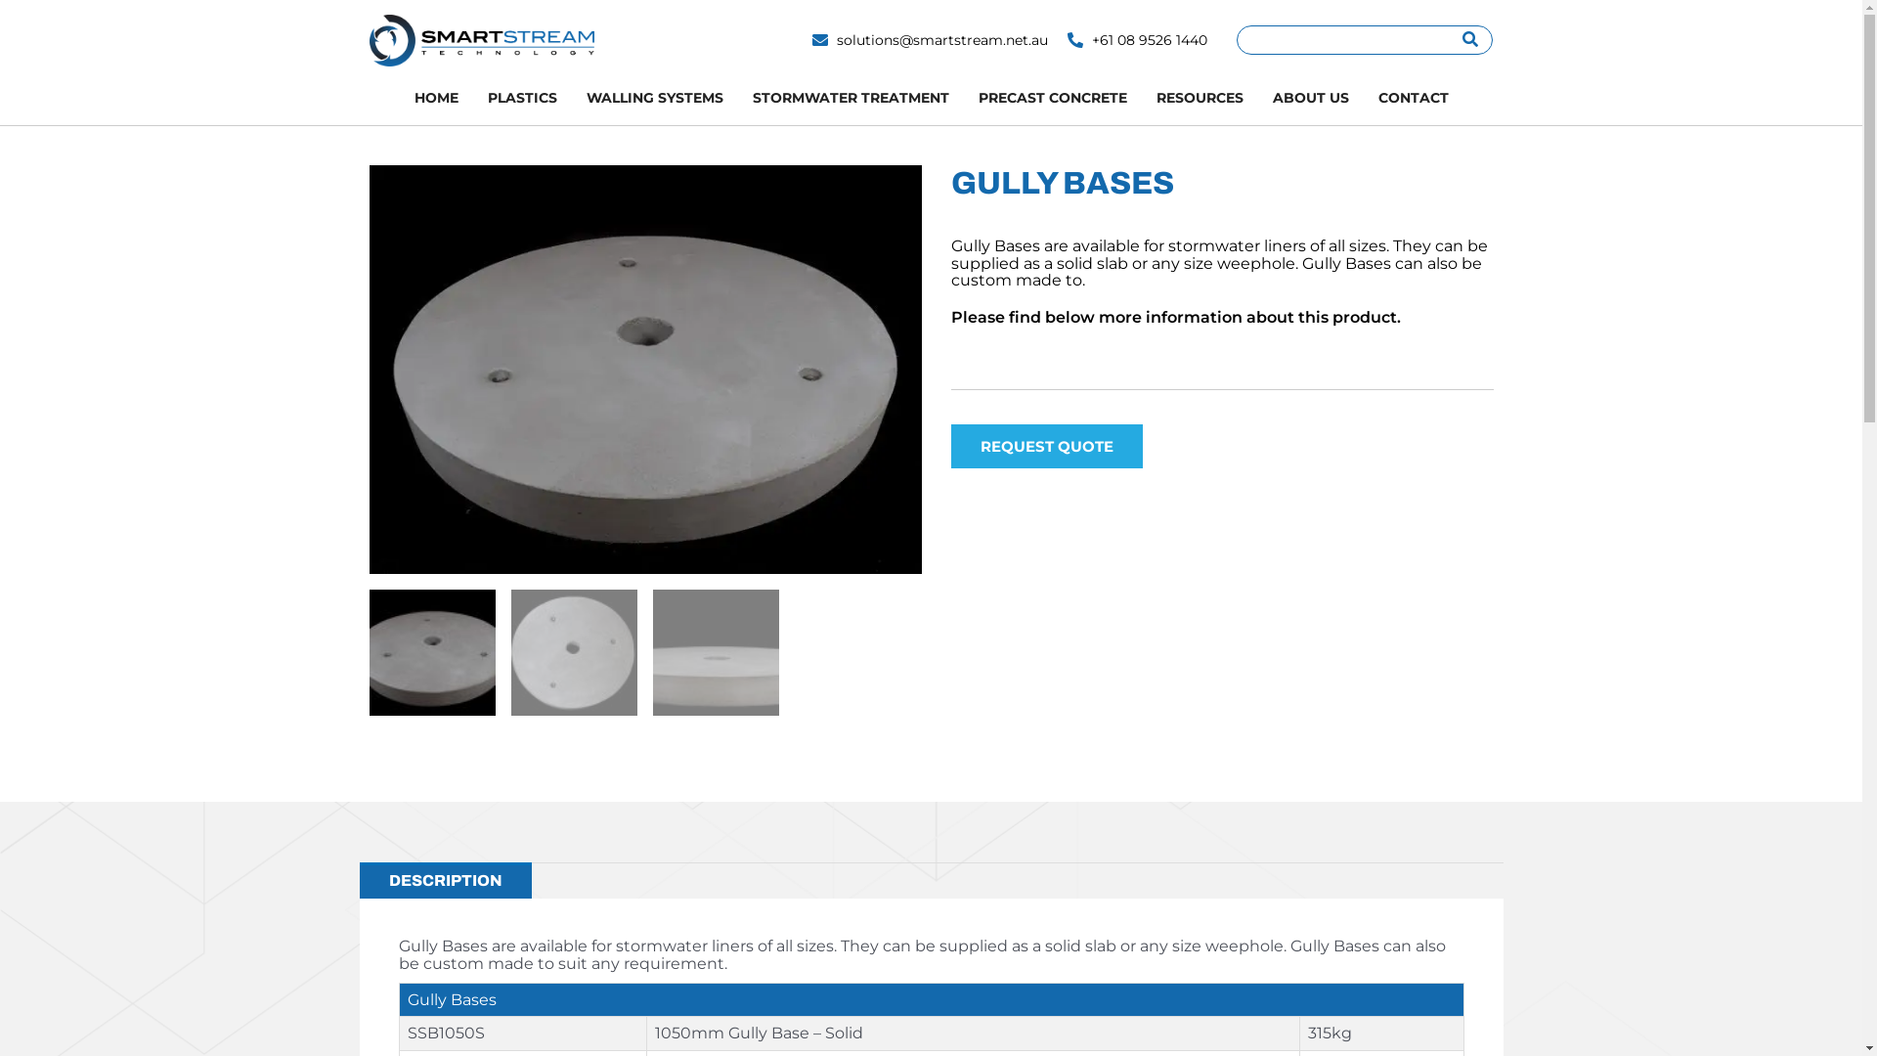  Describe the element at coordinates (929, 40) in the screenshot. I see `'solutions@smartstream.net.au'` at that location.